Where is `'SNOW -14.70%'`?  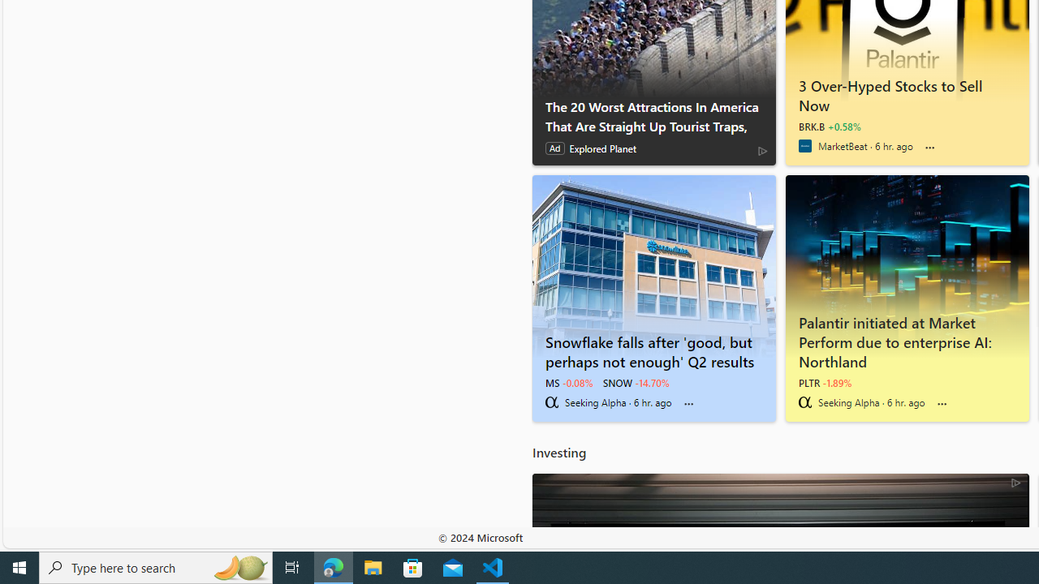 'SNOW -14.70%' is located at coordinates (636, 382).